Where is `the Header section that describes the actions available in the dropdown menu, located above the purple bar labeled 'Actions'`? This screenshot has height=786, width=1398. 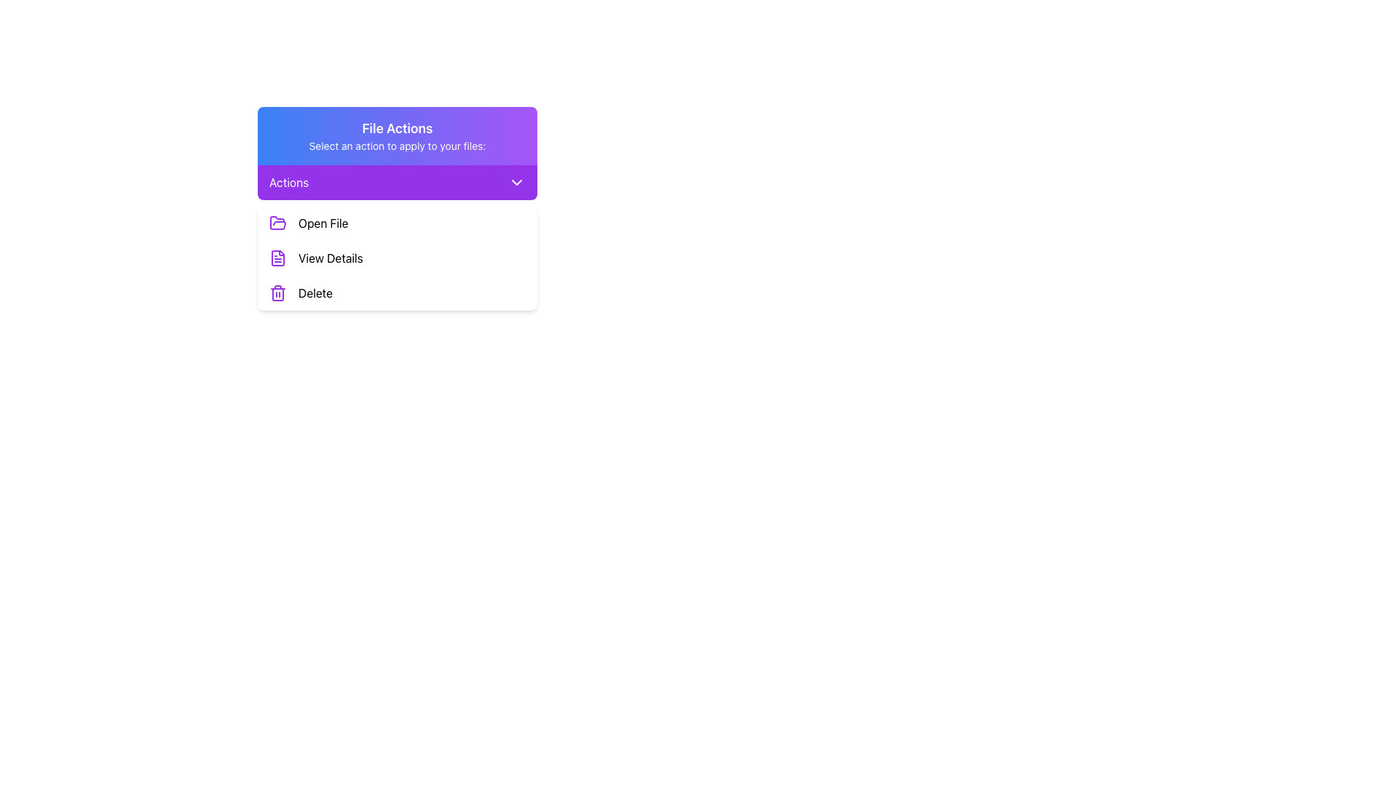 the Header section that describes the actions available in the dropdown menu, located above the purple bar labeled 'Actions' is located at coordinates (398, 135).